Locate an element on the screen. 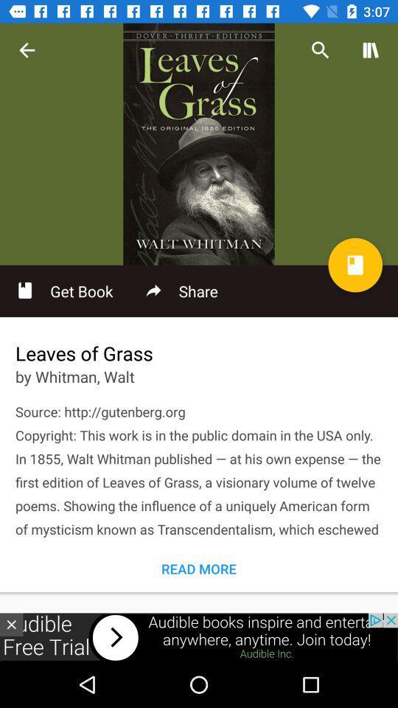 The height and width of the screenshot is (708, 398). the close icon is located at coordinates (10, 624).